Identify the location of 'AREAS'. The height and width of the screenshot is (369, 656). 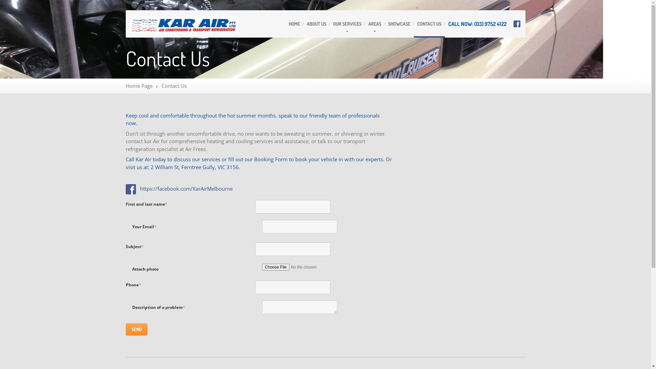
(374, 23).